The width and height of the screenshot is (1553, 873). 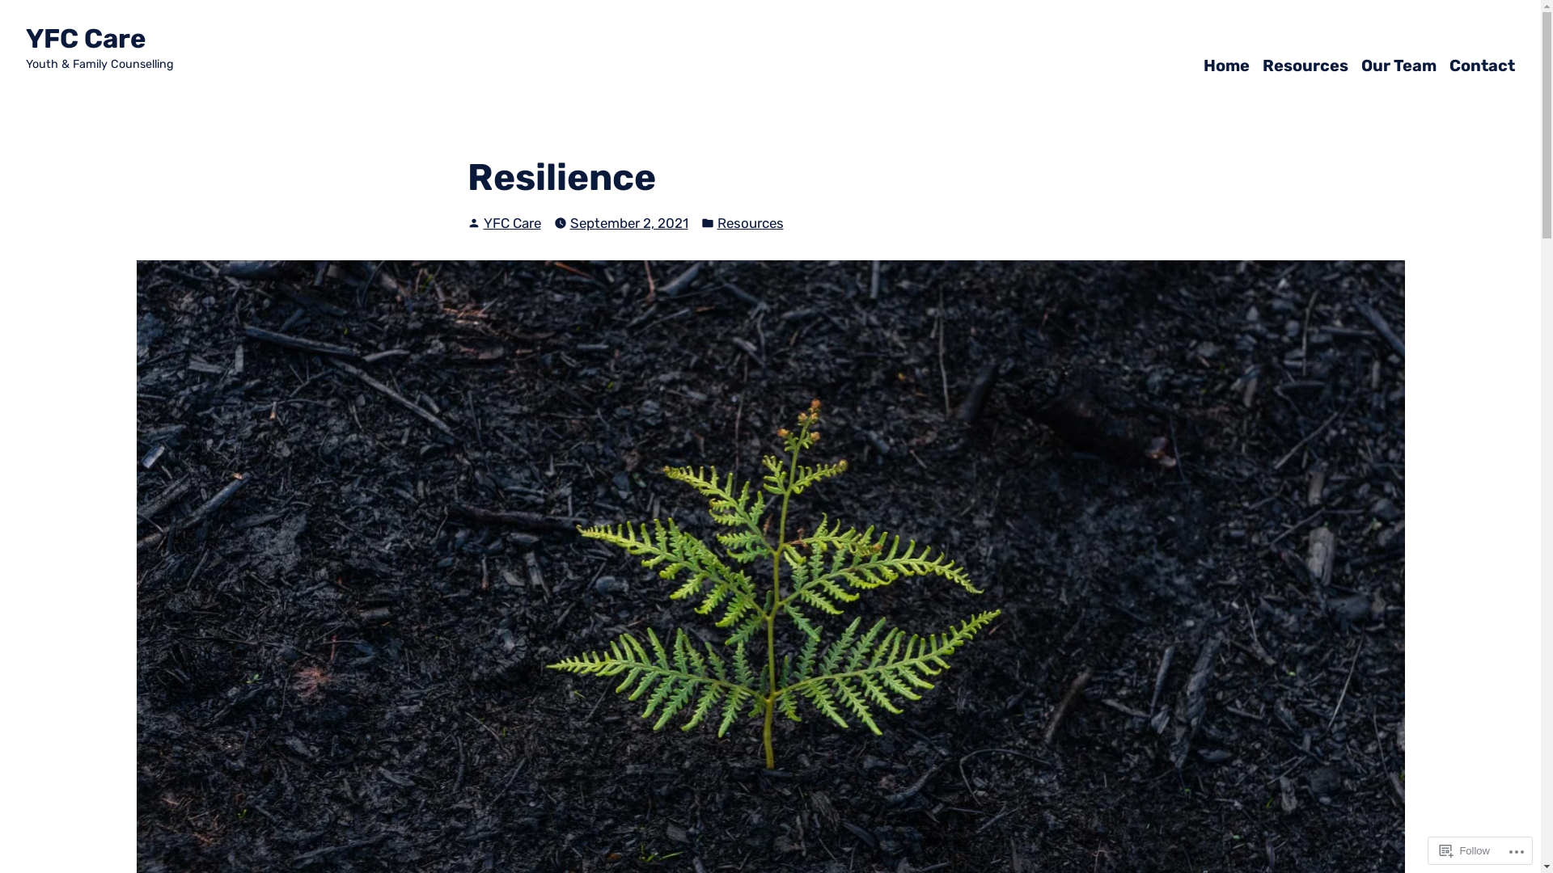 I want to click on 'Resources', so click(x=748, y=222).